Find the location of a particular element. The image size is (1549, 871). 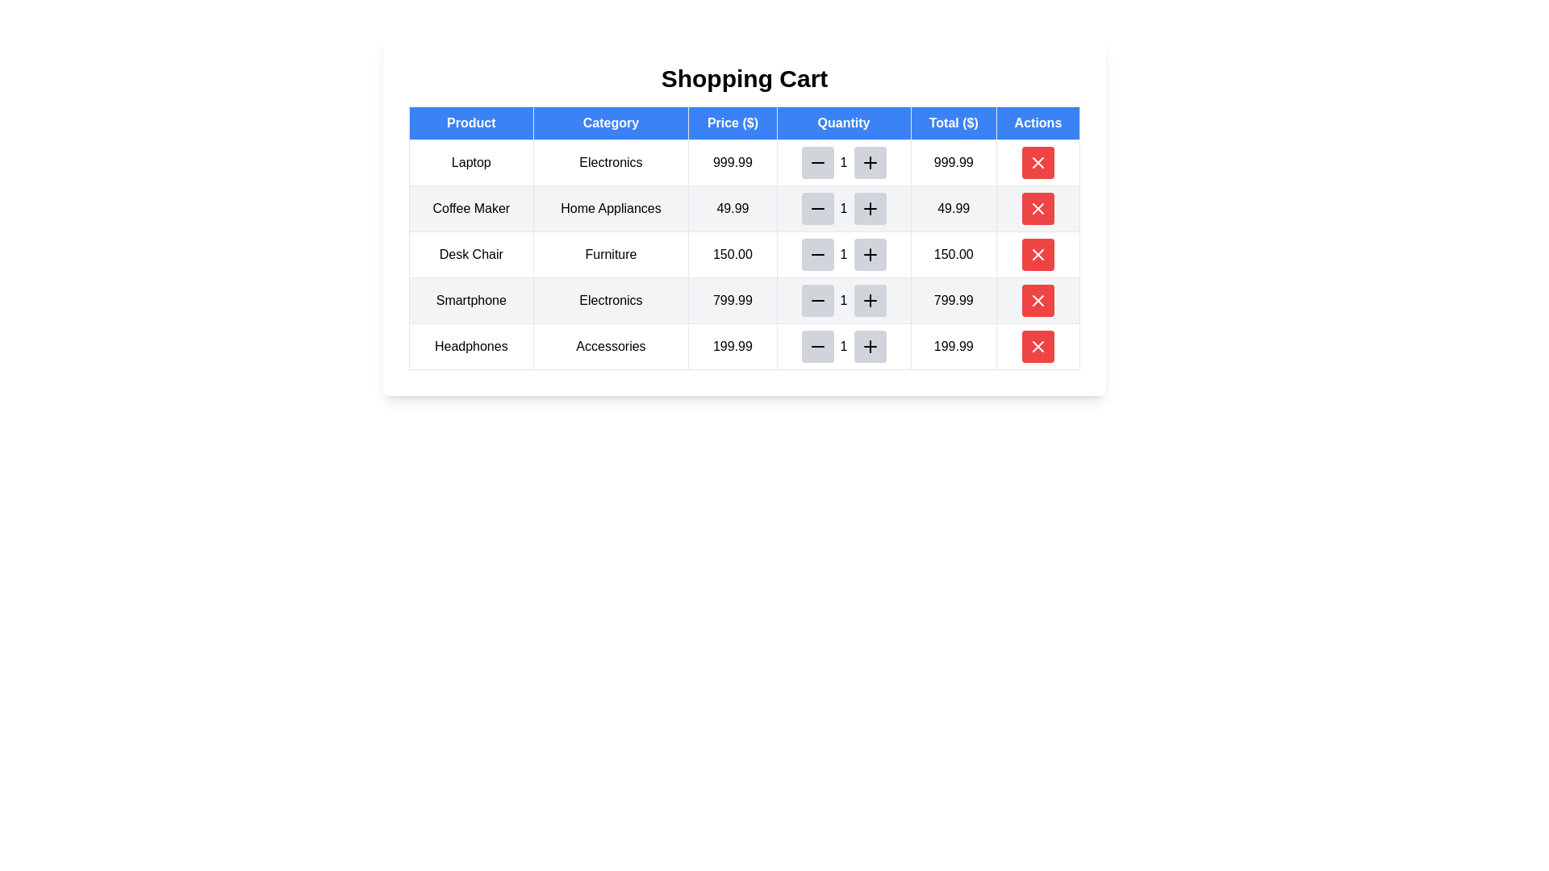

the text label in the 'Category' column that indicates 'Headphones', located in the fifth row of the table is located at coordinates (610, 345).